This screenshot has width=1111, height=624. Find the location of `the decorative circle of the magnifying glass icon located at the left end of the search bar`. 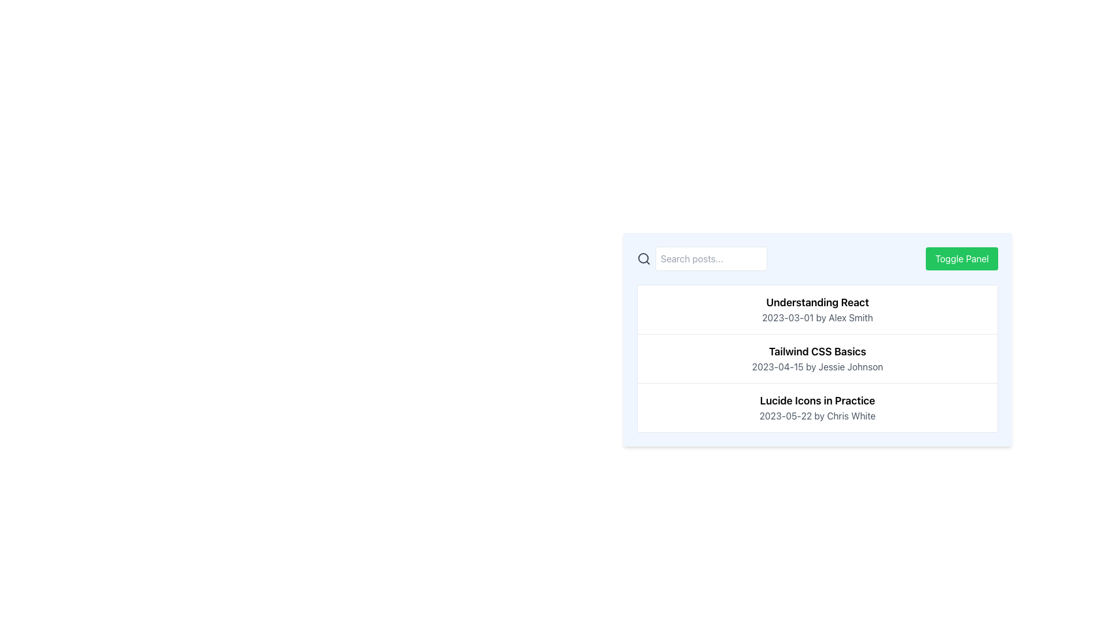

the decorative circle of the magnifying glass icon located at the left end of the search bar is located at coordinates (643, 258).